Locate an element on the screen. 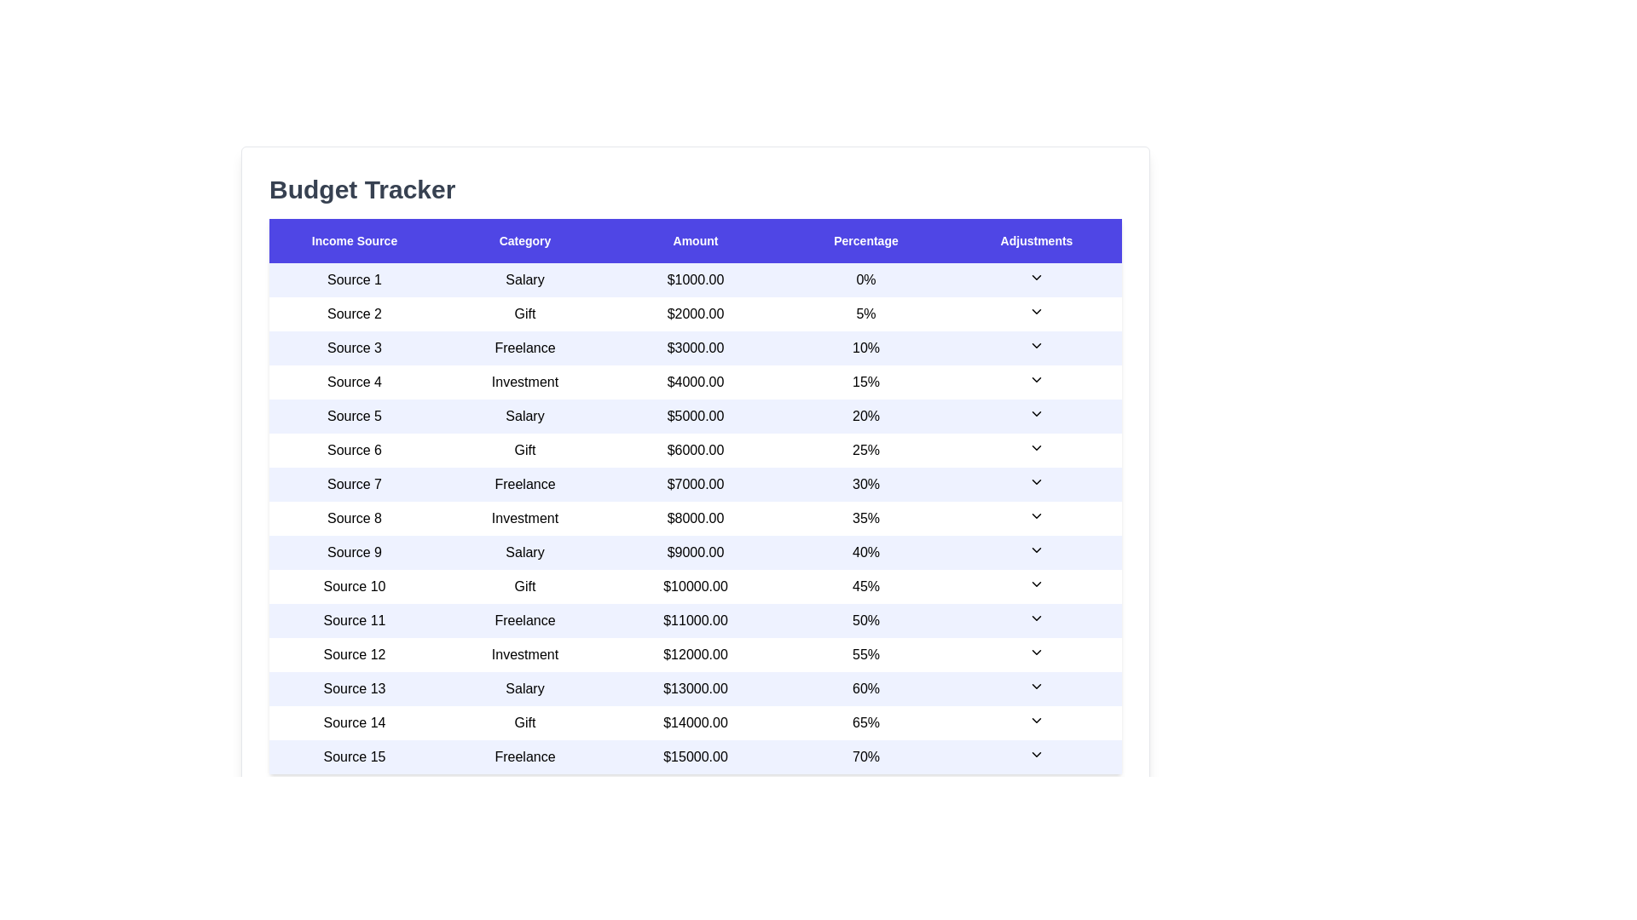  the table header Income Source to sort the table by that column is located at coordinates (354, 240).